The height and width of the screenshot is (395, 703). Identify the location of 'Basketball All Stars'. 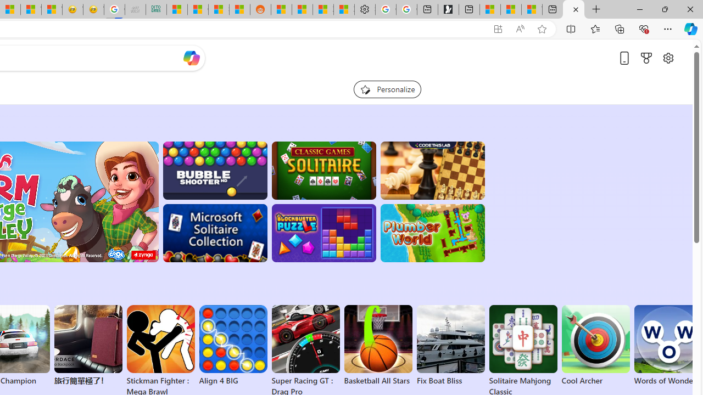
(378, 346).